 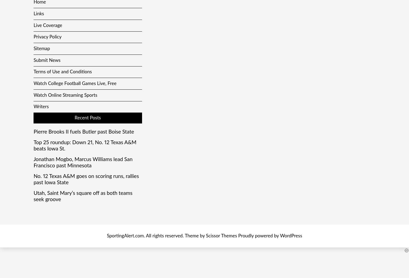 What do you see at coordinates (280, 235) in the screenshot?
I see `'WordPress'` at bounding box center [280, 235].